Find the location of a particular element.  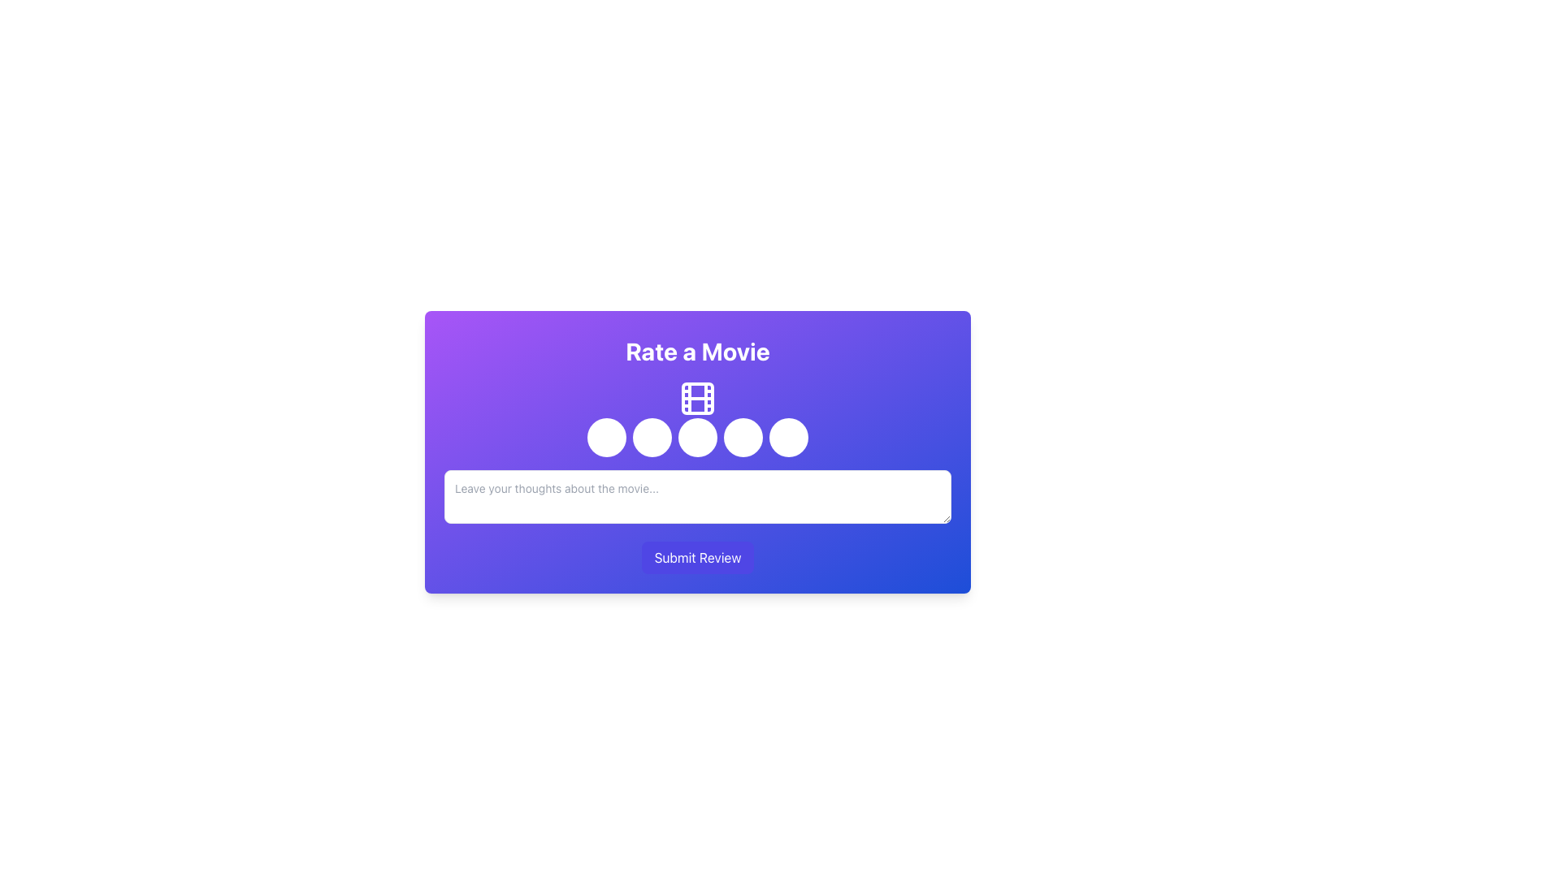

the third circle in the star-like rating system is located at coordinates (698, 451).